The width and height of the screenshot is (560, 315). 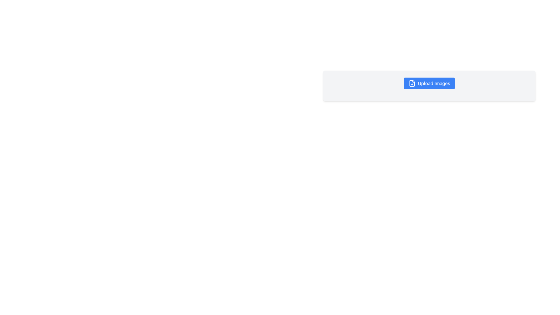 What do you see at coordinates (429, 85) in the screenshot?
I see `the rectangular card with a gray background and rounded corners that contains a blue 'Upload Images' button at its center` at bounding box center [429, 85].